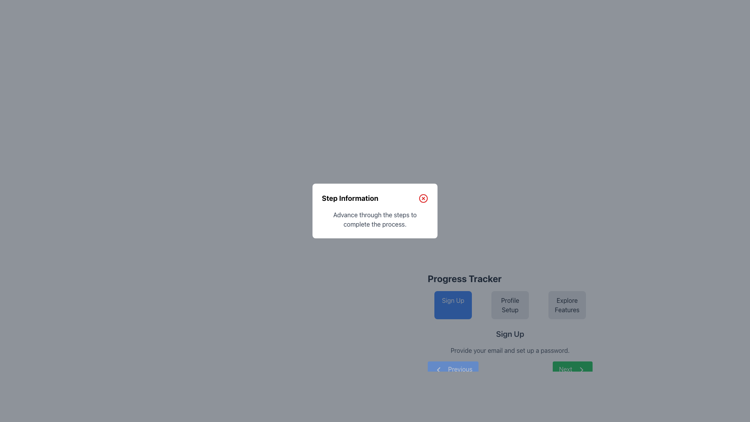 The height and width of the screenshot is (422, 750). I want to click on the red circular close button with a white 'X' symbol located in the top-right corner of the 'Step Information' card, so click(423, 198).